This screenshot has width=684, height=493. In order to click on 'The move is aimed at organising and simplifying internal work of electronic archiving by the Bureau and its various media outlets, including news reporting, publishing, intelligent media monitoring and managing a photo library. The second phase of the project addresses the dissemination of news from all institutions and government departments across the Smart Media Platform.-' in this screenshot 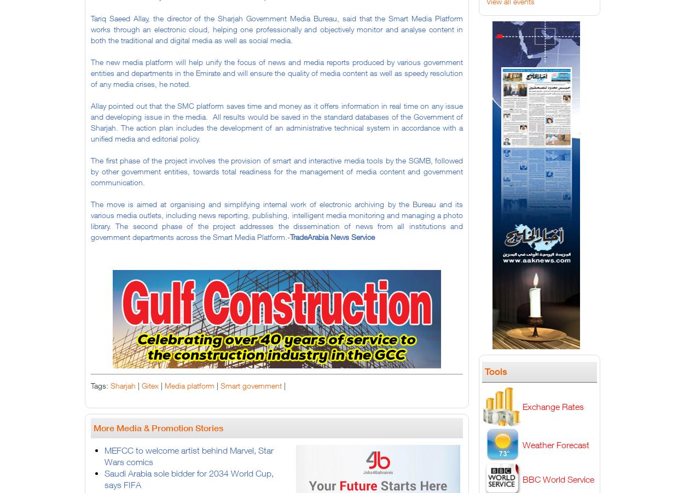, I will do `click(277, 220)`.